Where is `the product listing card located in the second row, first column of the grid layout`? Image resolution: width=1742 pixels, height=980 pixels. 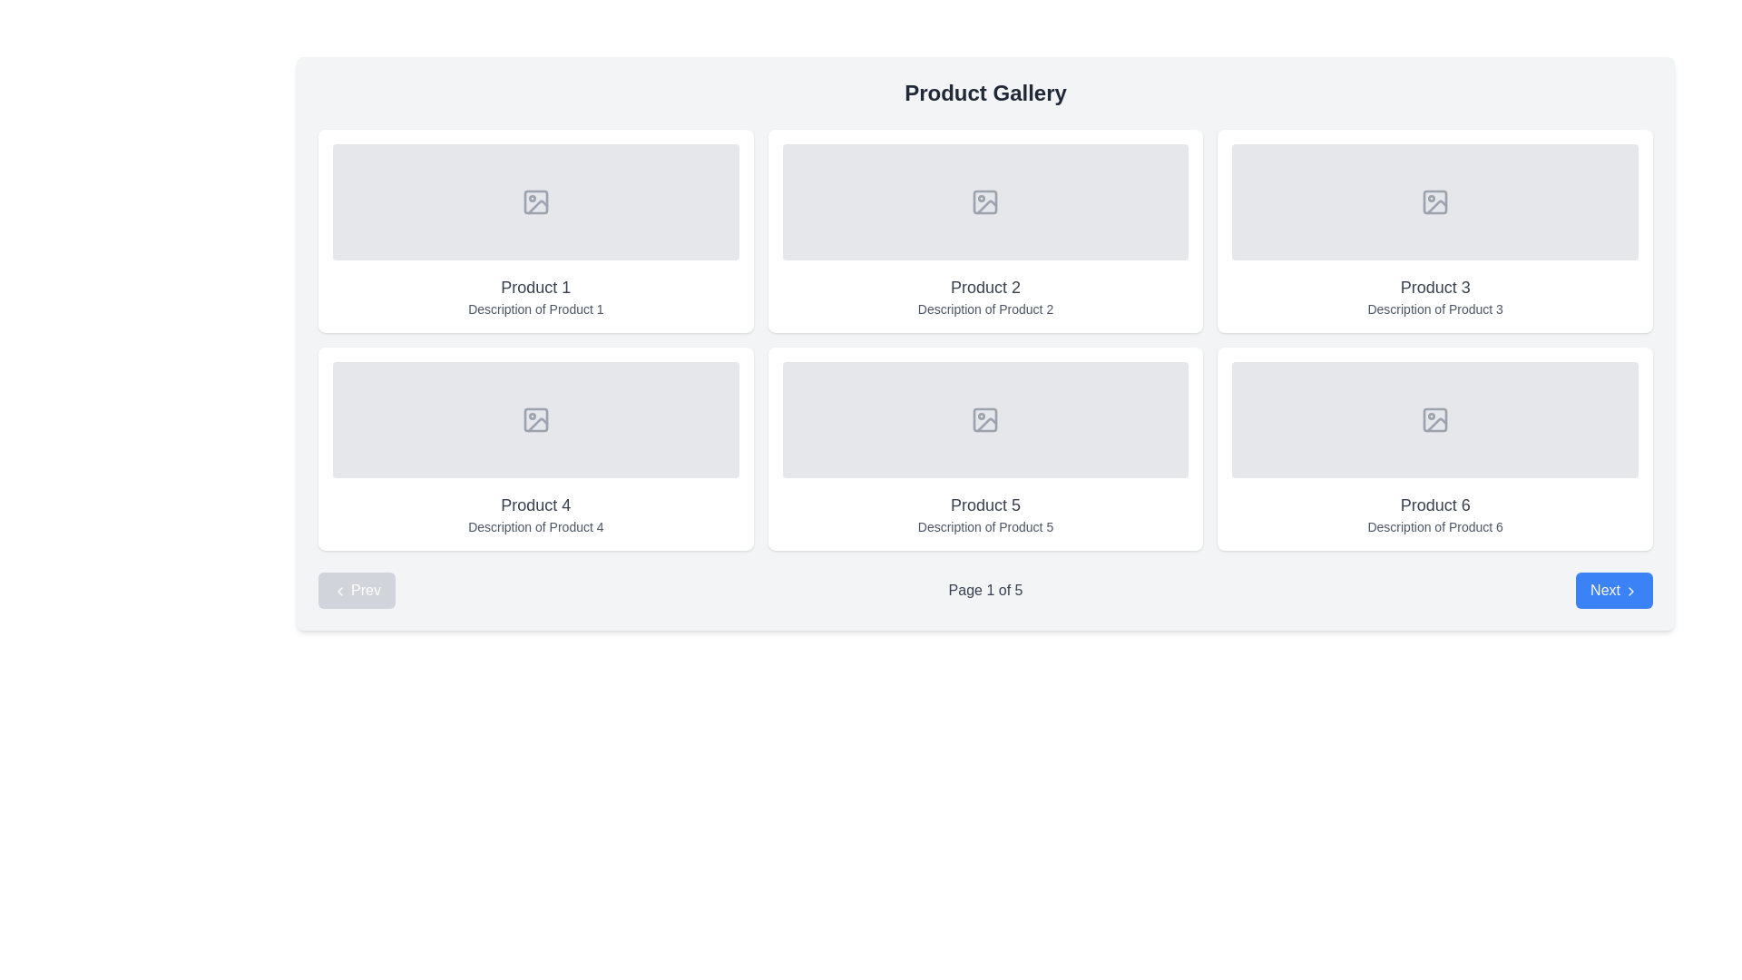 the product listing card located in the second row, first column of the grid layout is located at coordinates (534, 448).